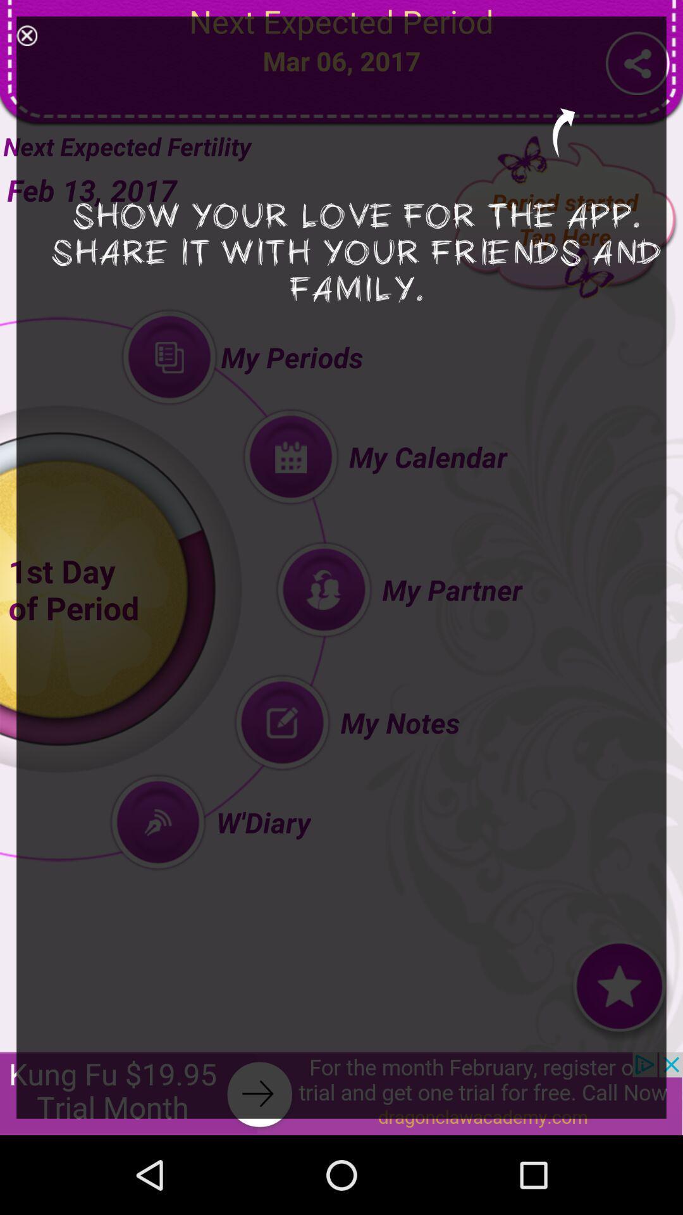 This screenshot has width=683, height=1215. What do you see at coordinates (27, 35) in the screenshot?
I see `share app prompt` at bounding box center [27, 35].